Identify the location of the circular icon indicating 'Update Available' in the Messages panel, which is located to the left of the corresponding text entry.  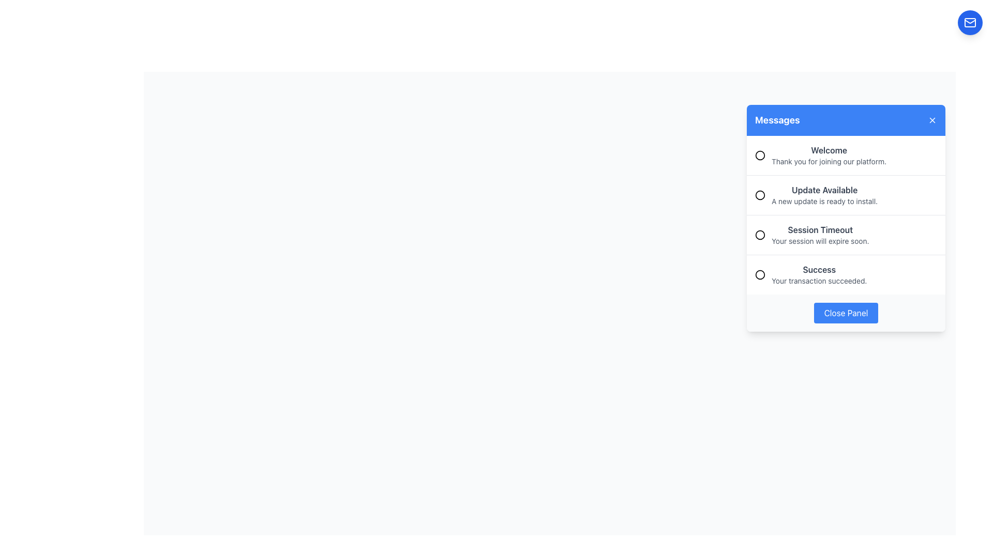
(760, 195).